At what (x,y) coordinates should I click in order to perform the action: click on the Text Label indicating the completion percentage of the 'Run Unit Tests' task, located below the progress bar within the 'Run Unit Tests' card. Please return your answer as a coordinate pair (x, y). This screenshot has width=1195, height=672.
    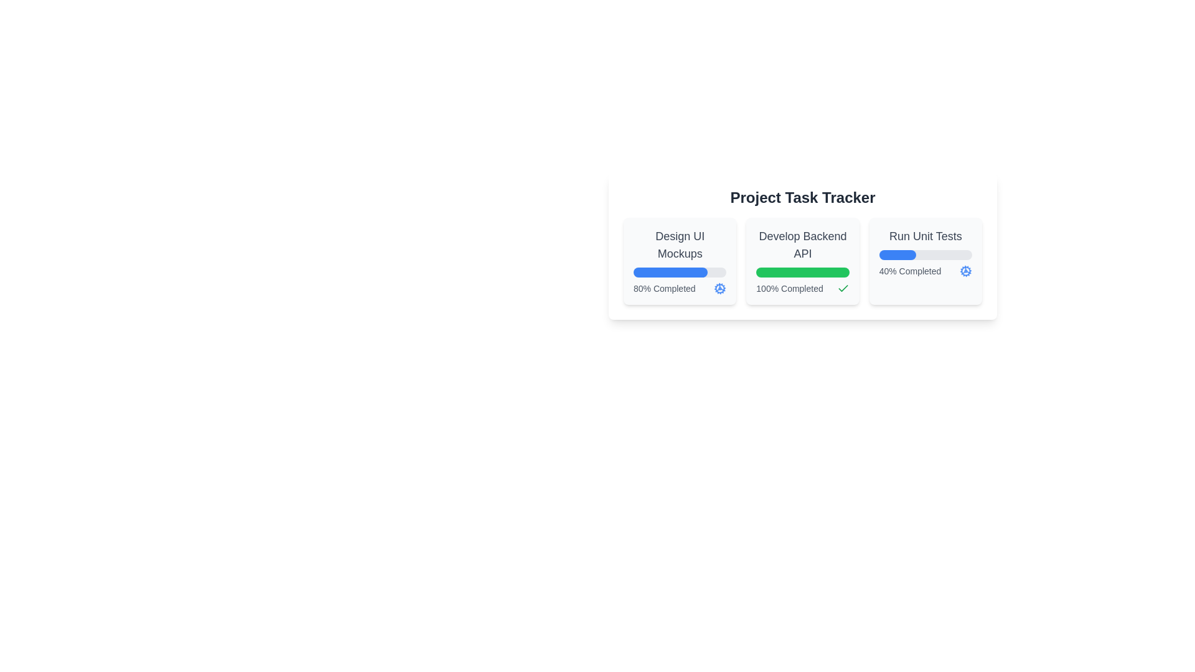
    Looking at the image, I should click on (910, 270).